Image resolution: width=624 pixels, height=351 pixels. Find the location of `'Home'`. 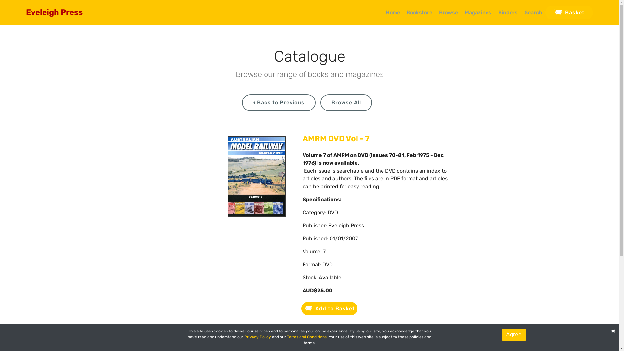

'Home' is located at coordinates (393, 12).